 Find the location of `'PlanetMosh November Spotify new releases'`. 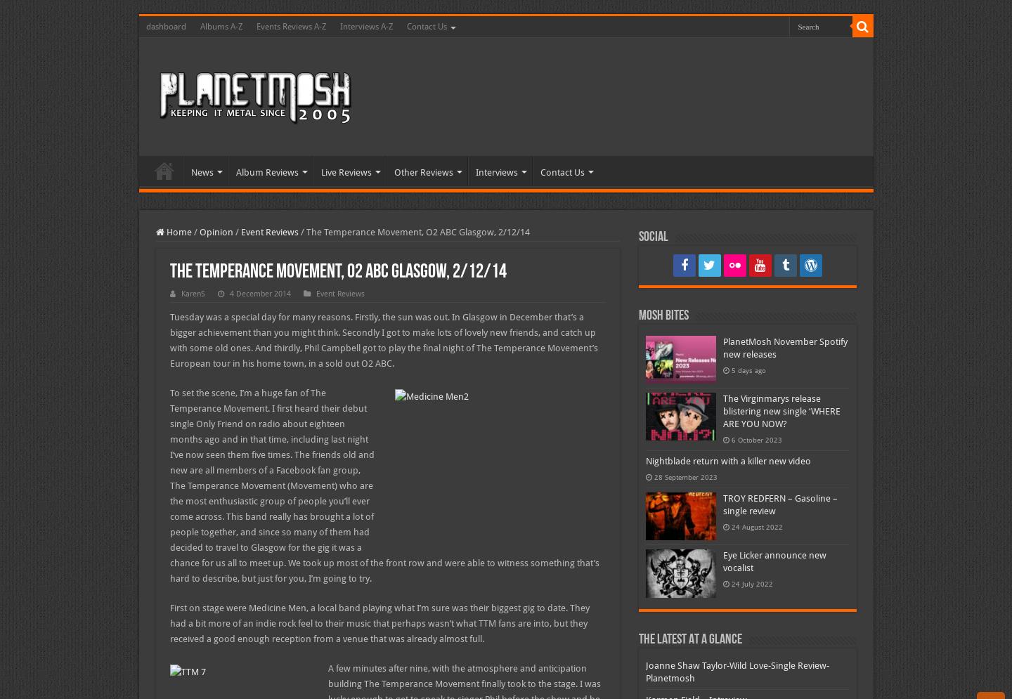

'PlanetMosh November Spotify new releases' is located at coordinates (784, 348).